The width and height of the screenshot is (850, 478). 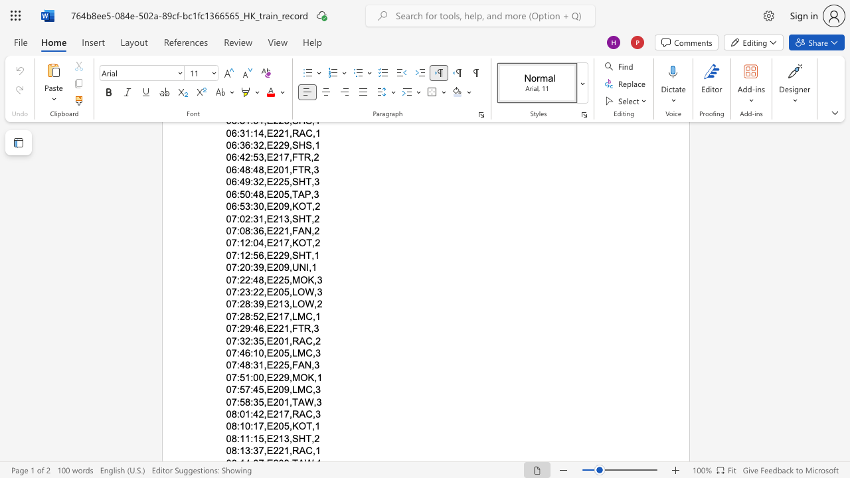 I want to click on the subset text ":23" within the text "07:23:22,E205,LOW,3", so click(x=236, y=291).